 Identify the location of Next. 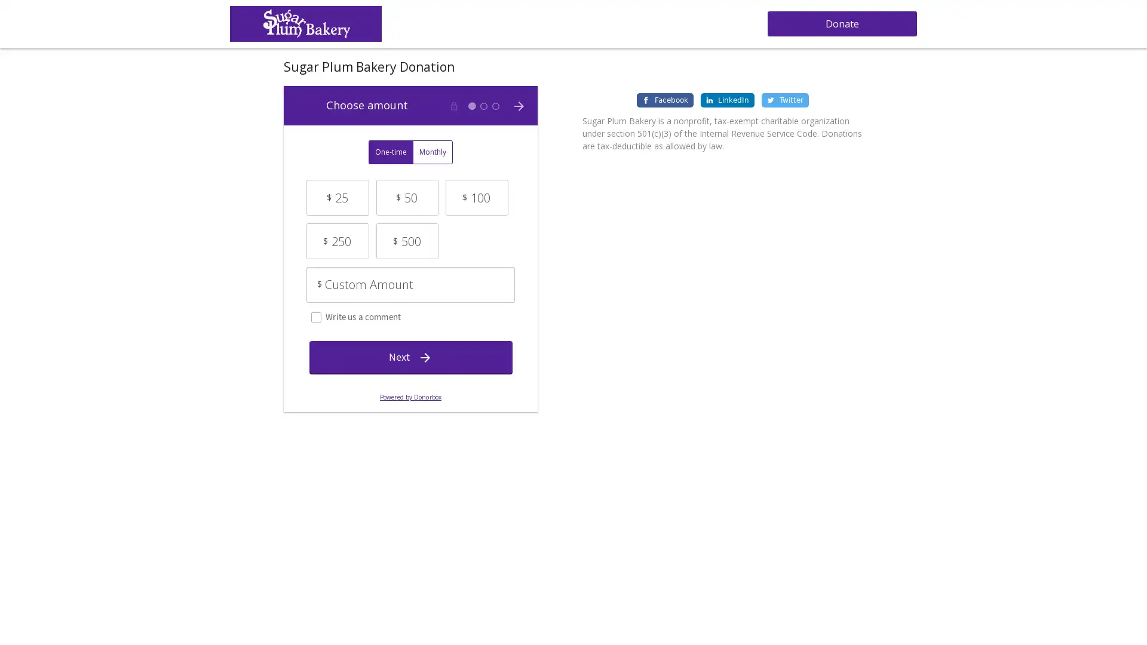
(410, 356).